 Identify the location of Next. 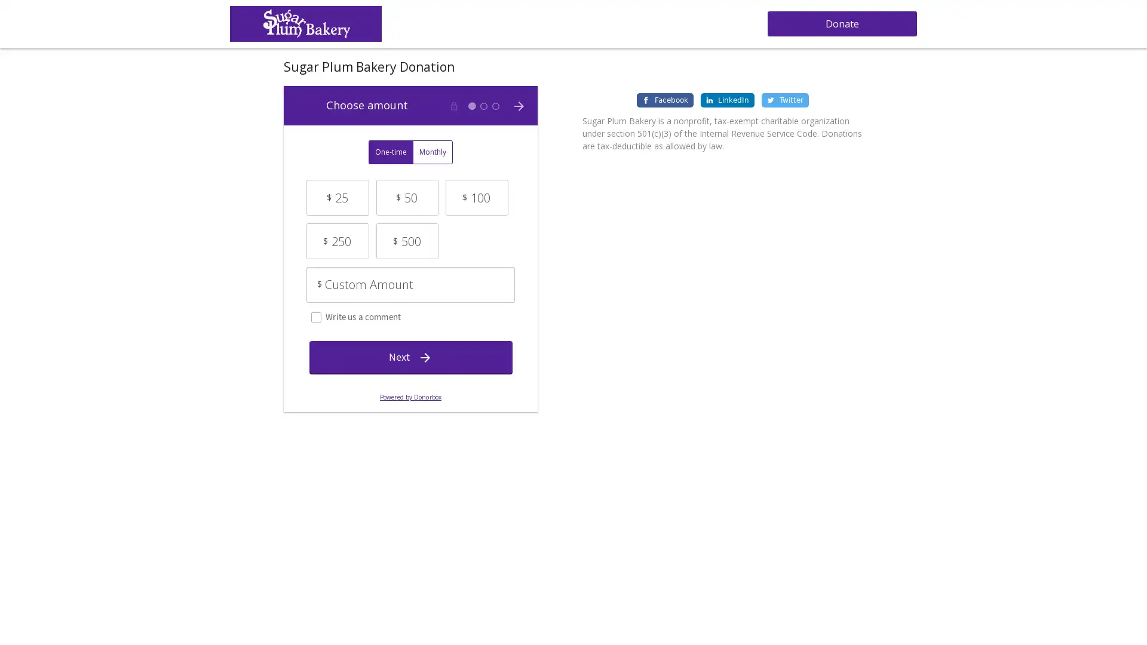
(410, 356).